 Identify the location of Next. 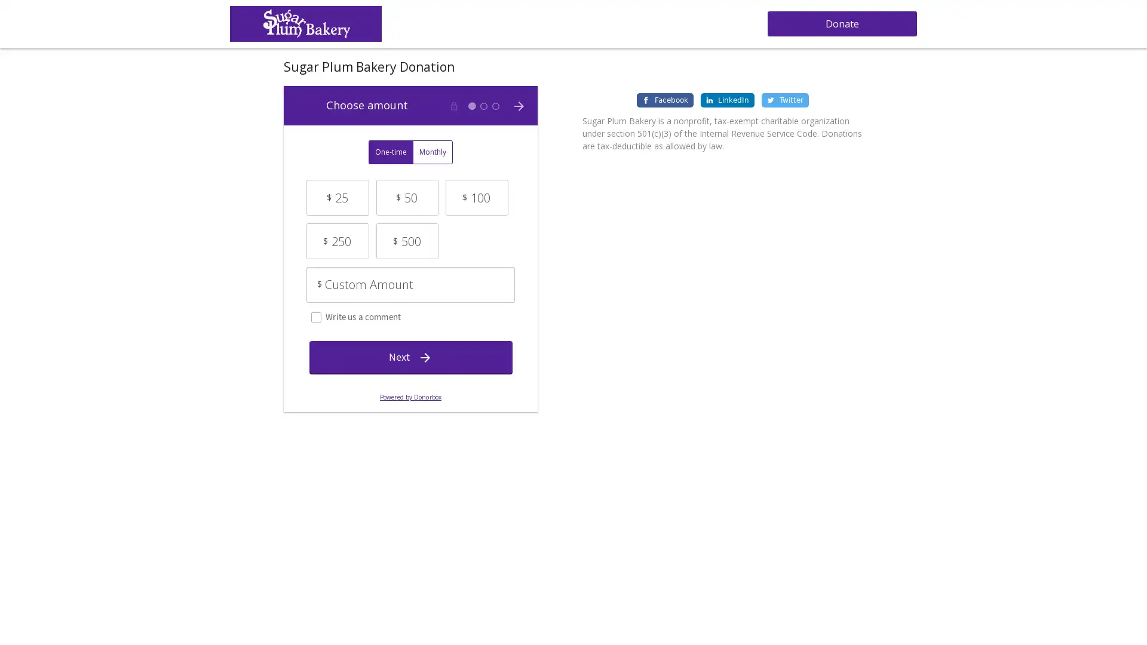
(410, 356).